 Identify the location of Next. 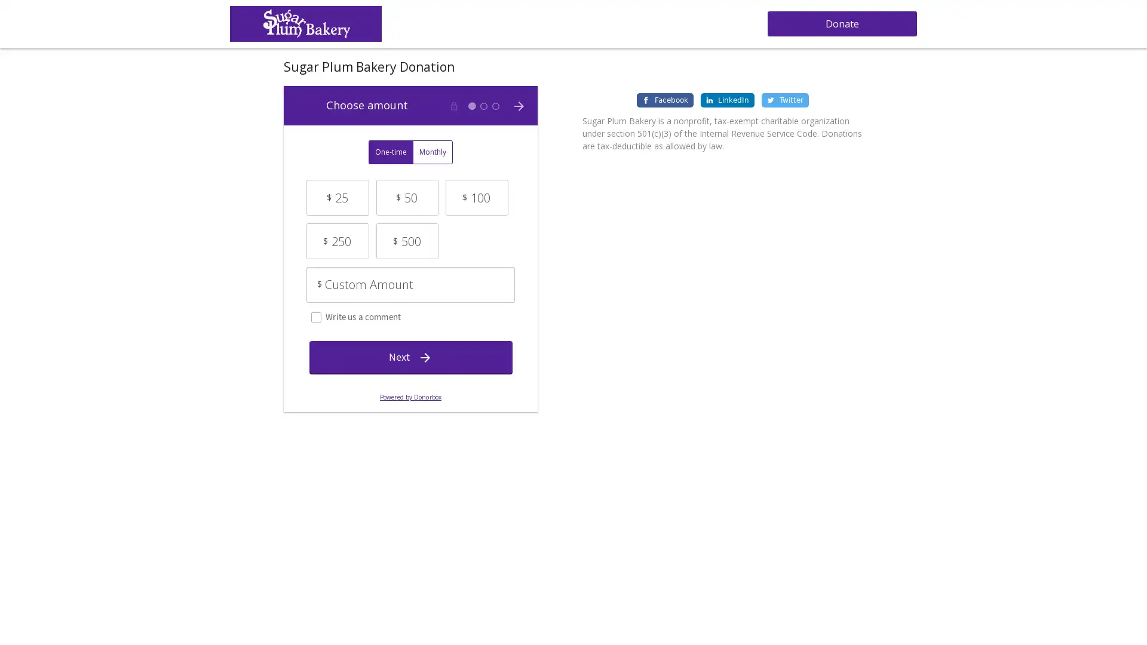
(410, 356).